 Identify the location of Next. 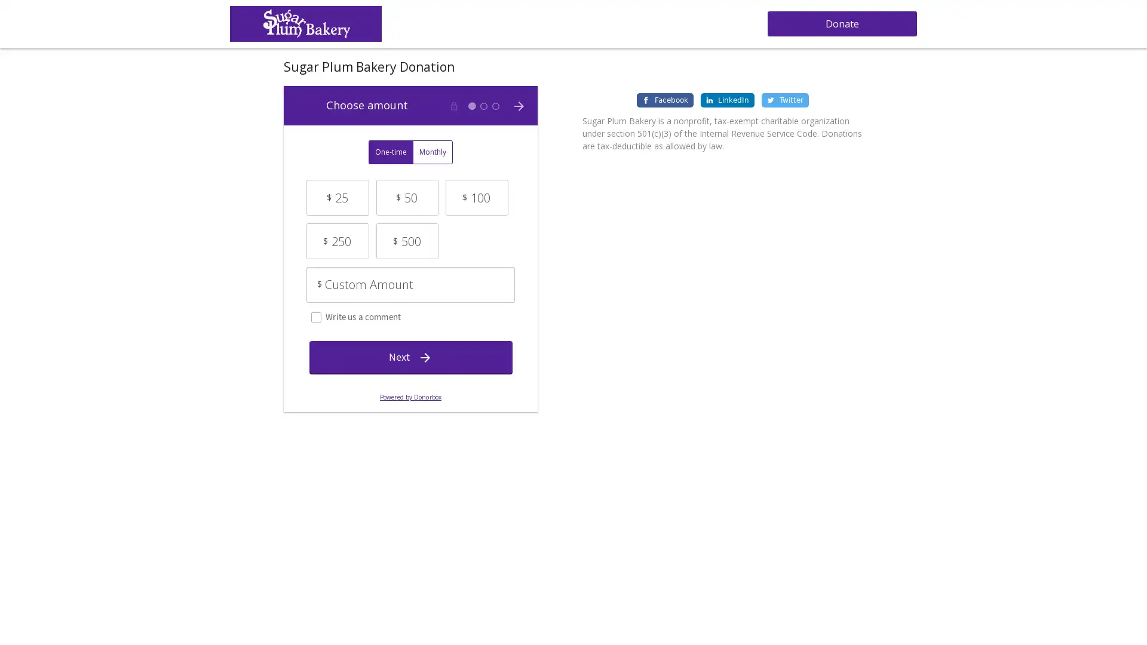
(410, 356).